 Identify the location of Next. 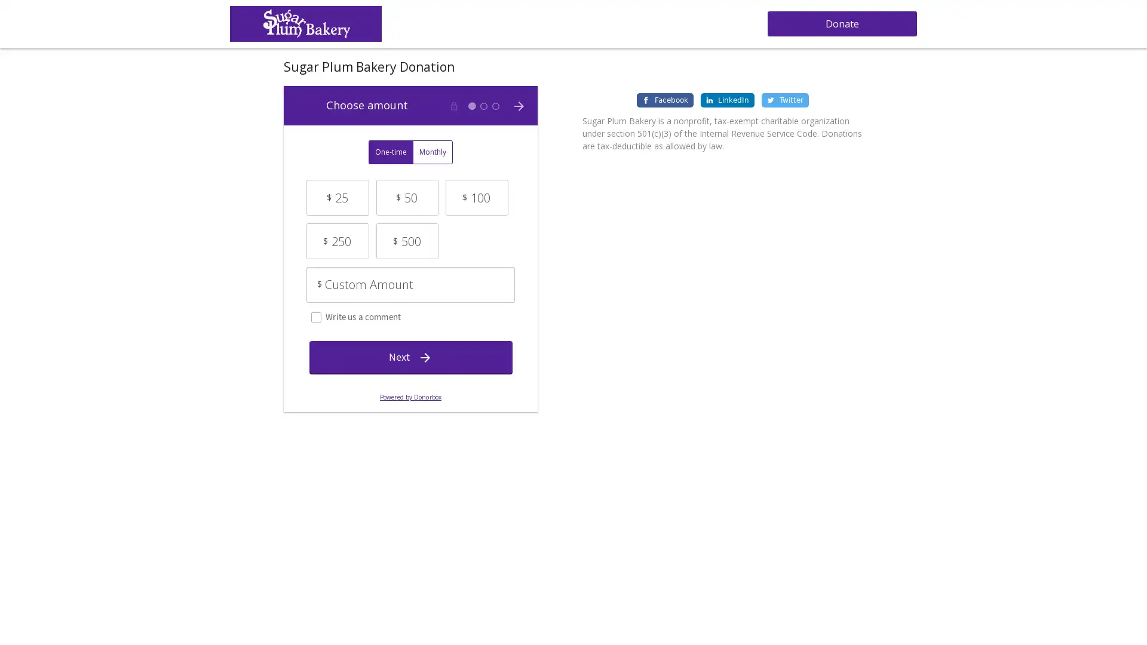
(410, 356).